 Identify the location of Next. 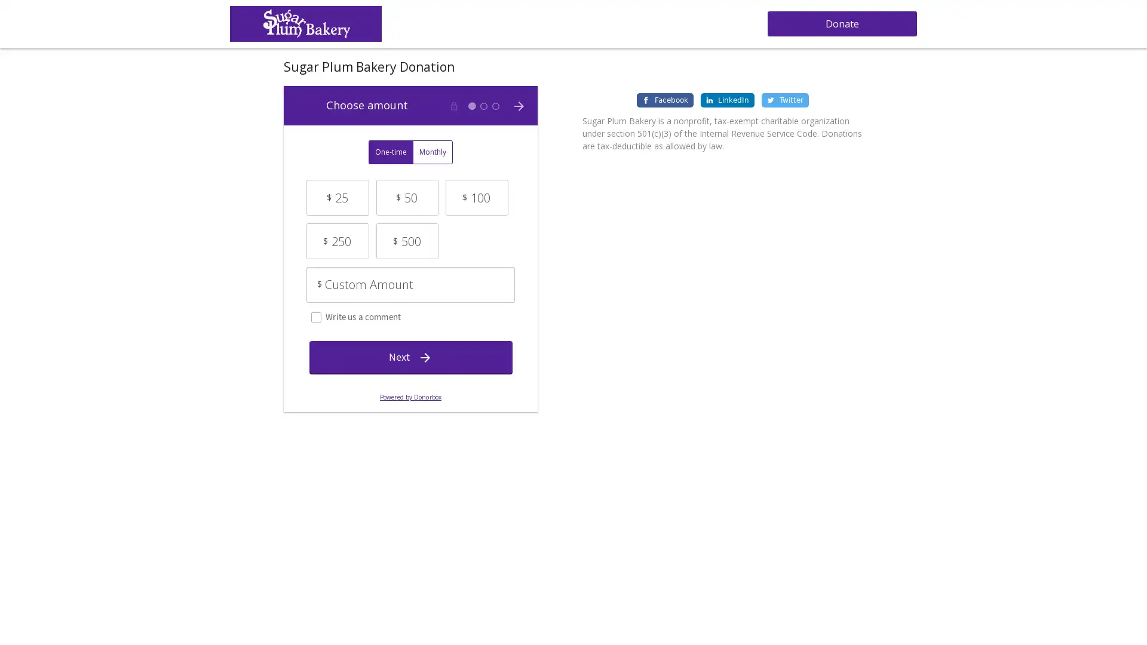
(410, 356).